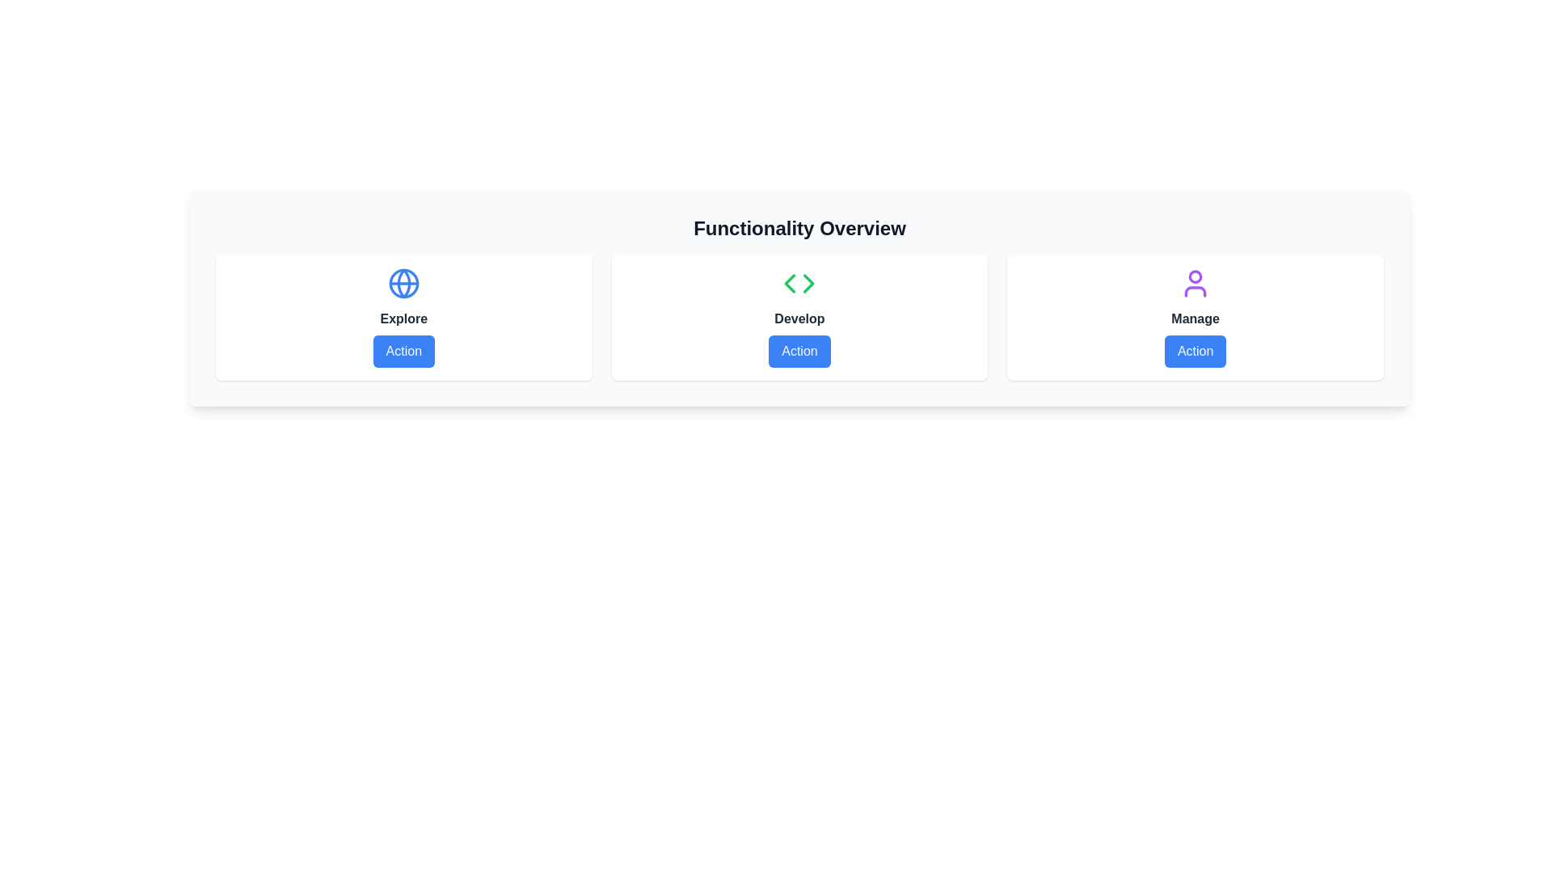 The image size is (1552, 873). I want to click on the globe icon (SVG) located in the first card under 'Functionality Overview', above the 'Explore' text and 'Action' button, so click(403, 283).